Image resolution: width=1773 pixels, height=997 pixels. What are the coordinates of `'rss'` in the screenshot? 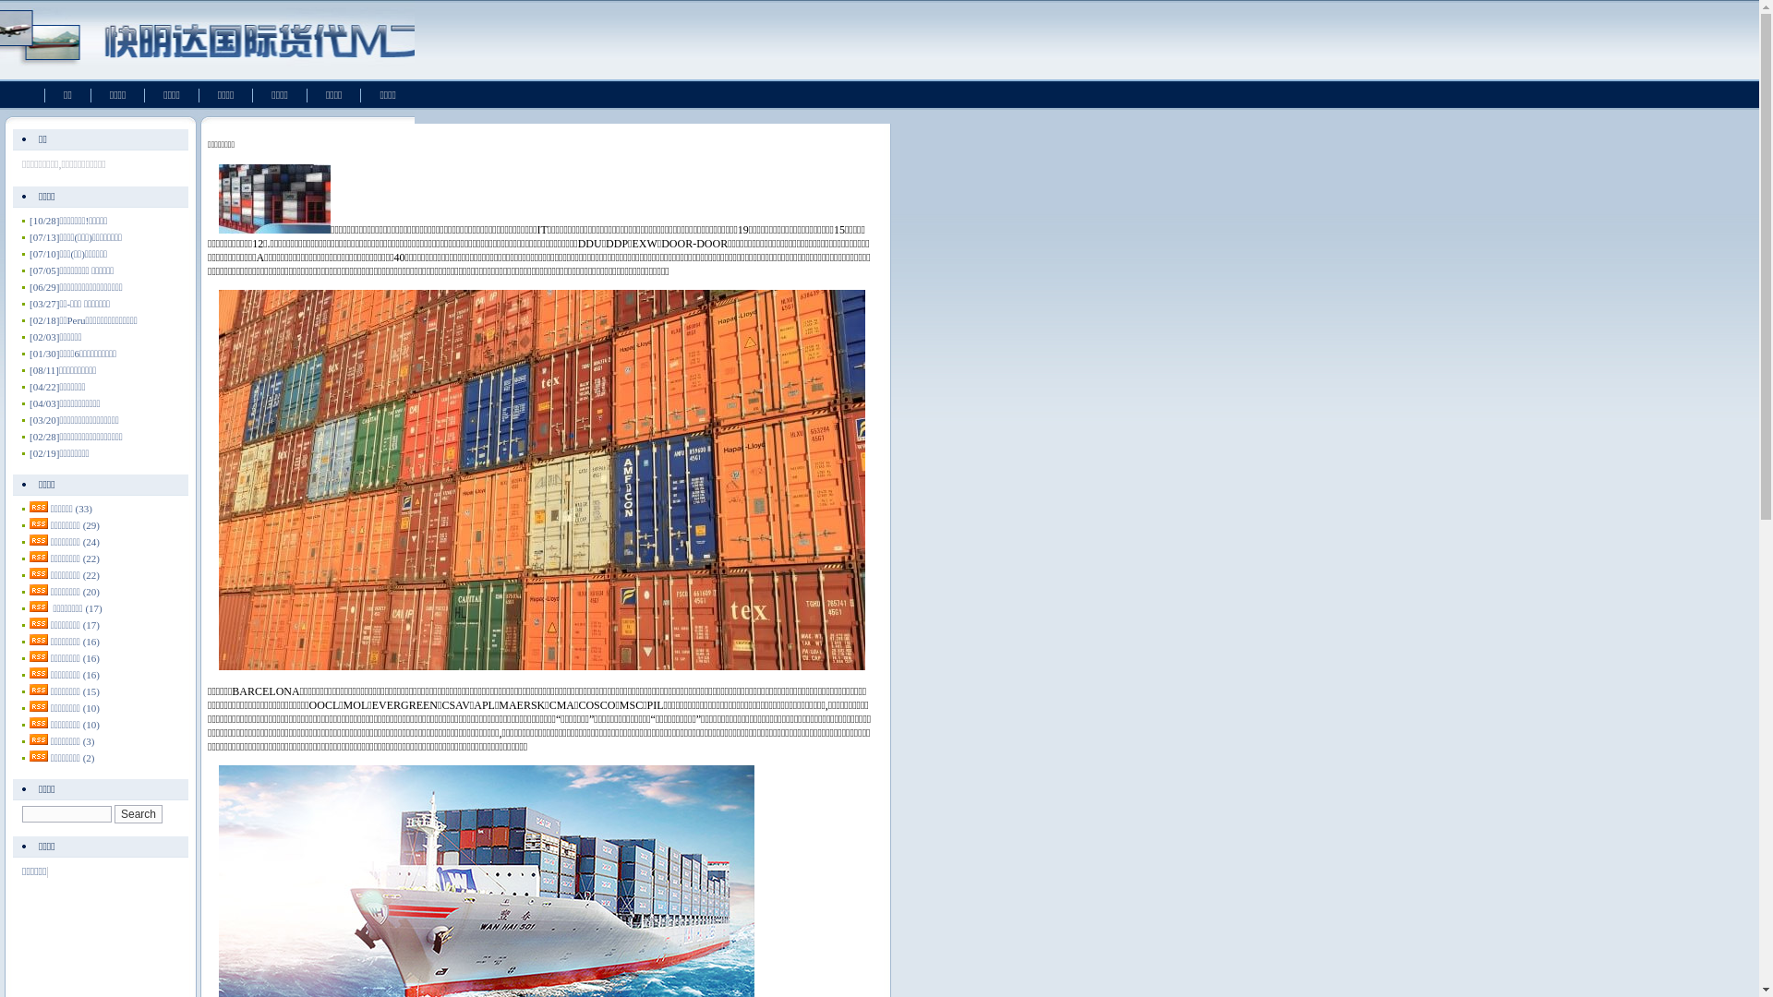 It's located at (39, 722).